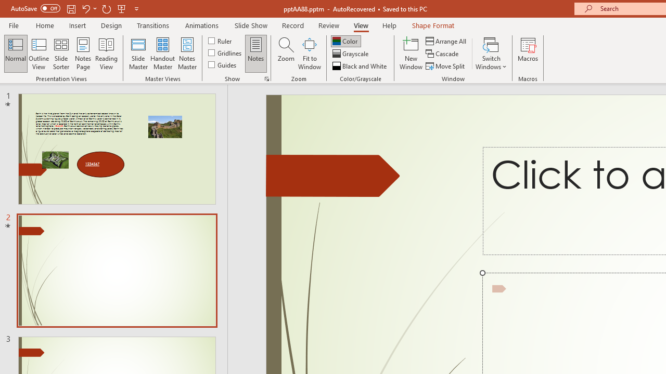 Image resolution: width=666 pixels, height=374 pixels. Describe the element at coordinates (137, 54) in the screenshot. I see `'Slide Master'` at that location.